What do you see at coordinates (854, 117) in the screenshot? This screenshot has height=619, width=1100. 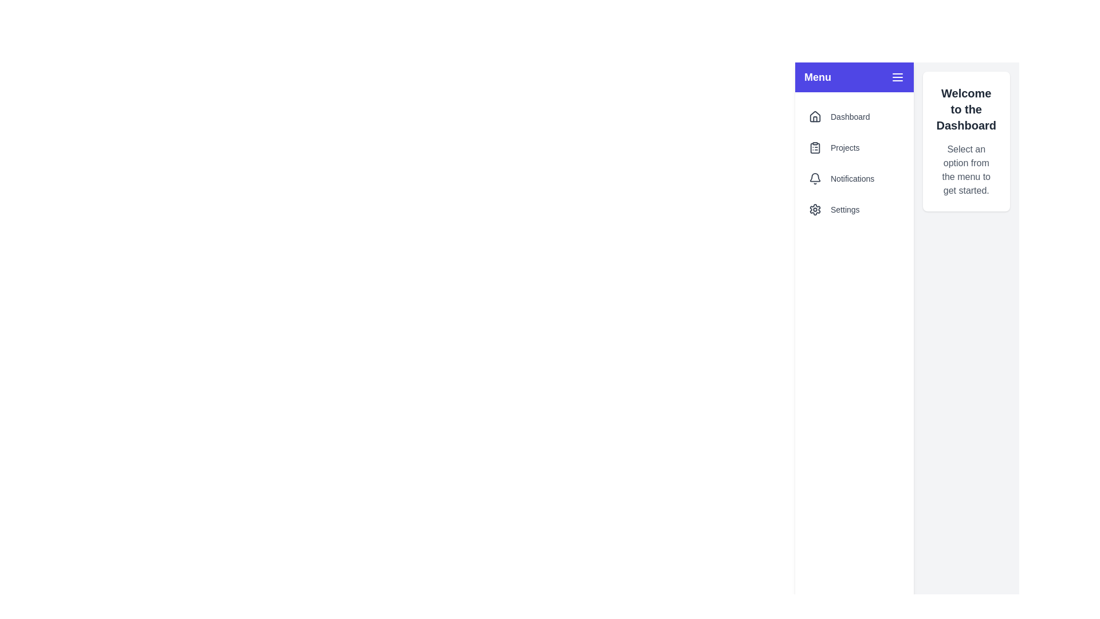 I see `the menu item labeled Dashboard` at bounding box center [854, 117].